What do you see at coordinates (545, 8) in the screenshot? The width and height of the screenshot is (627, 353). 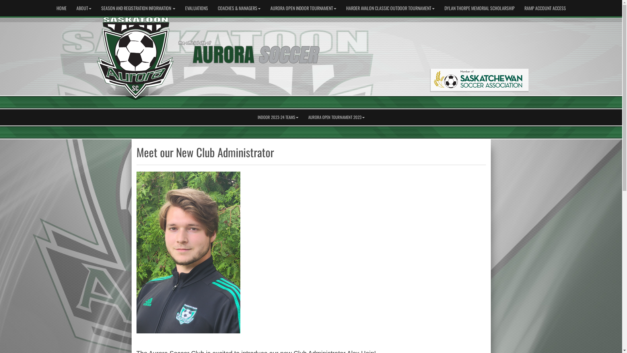 I see `'RAMP ACCOUNT ACCESS'` at bounding box center [545, 8].